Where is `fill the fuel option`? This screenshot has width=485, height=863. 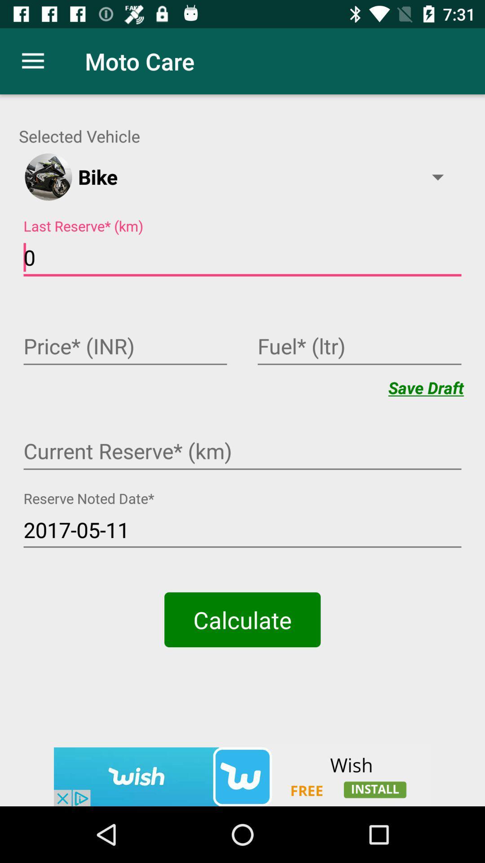 fill the fuel option is located at coordinates (359, 347).